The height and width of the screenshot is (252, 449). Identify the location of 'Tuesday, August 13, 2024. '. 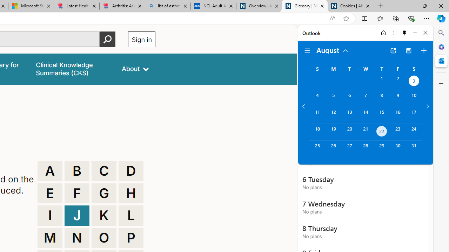
(349, 115).